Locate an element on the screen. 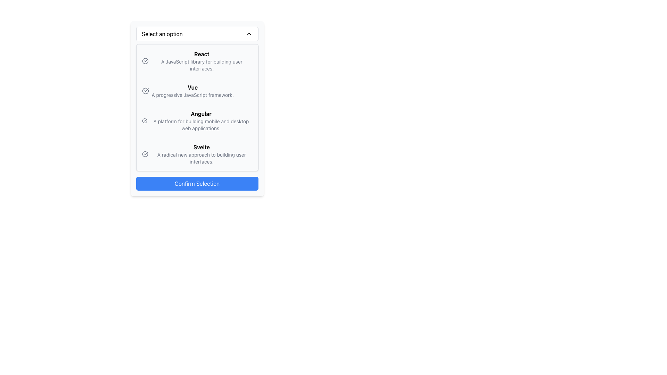 This screenshot has height=375, width=667. the selectable list item that displays the 'Svelte' framework description, which is the fourth item in the vertical list is located at coordinates (197, 153).